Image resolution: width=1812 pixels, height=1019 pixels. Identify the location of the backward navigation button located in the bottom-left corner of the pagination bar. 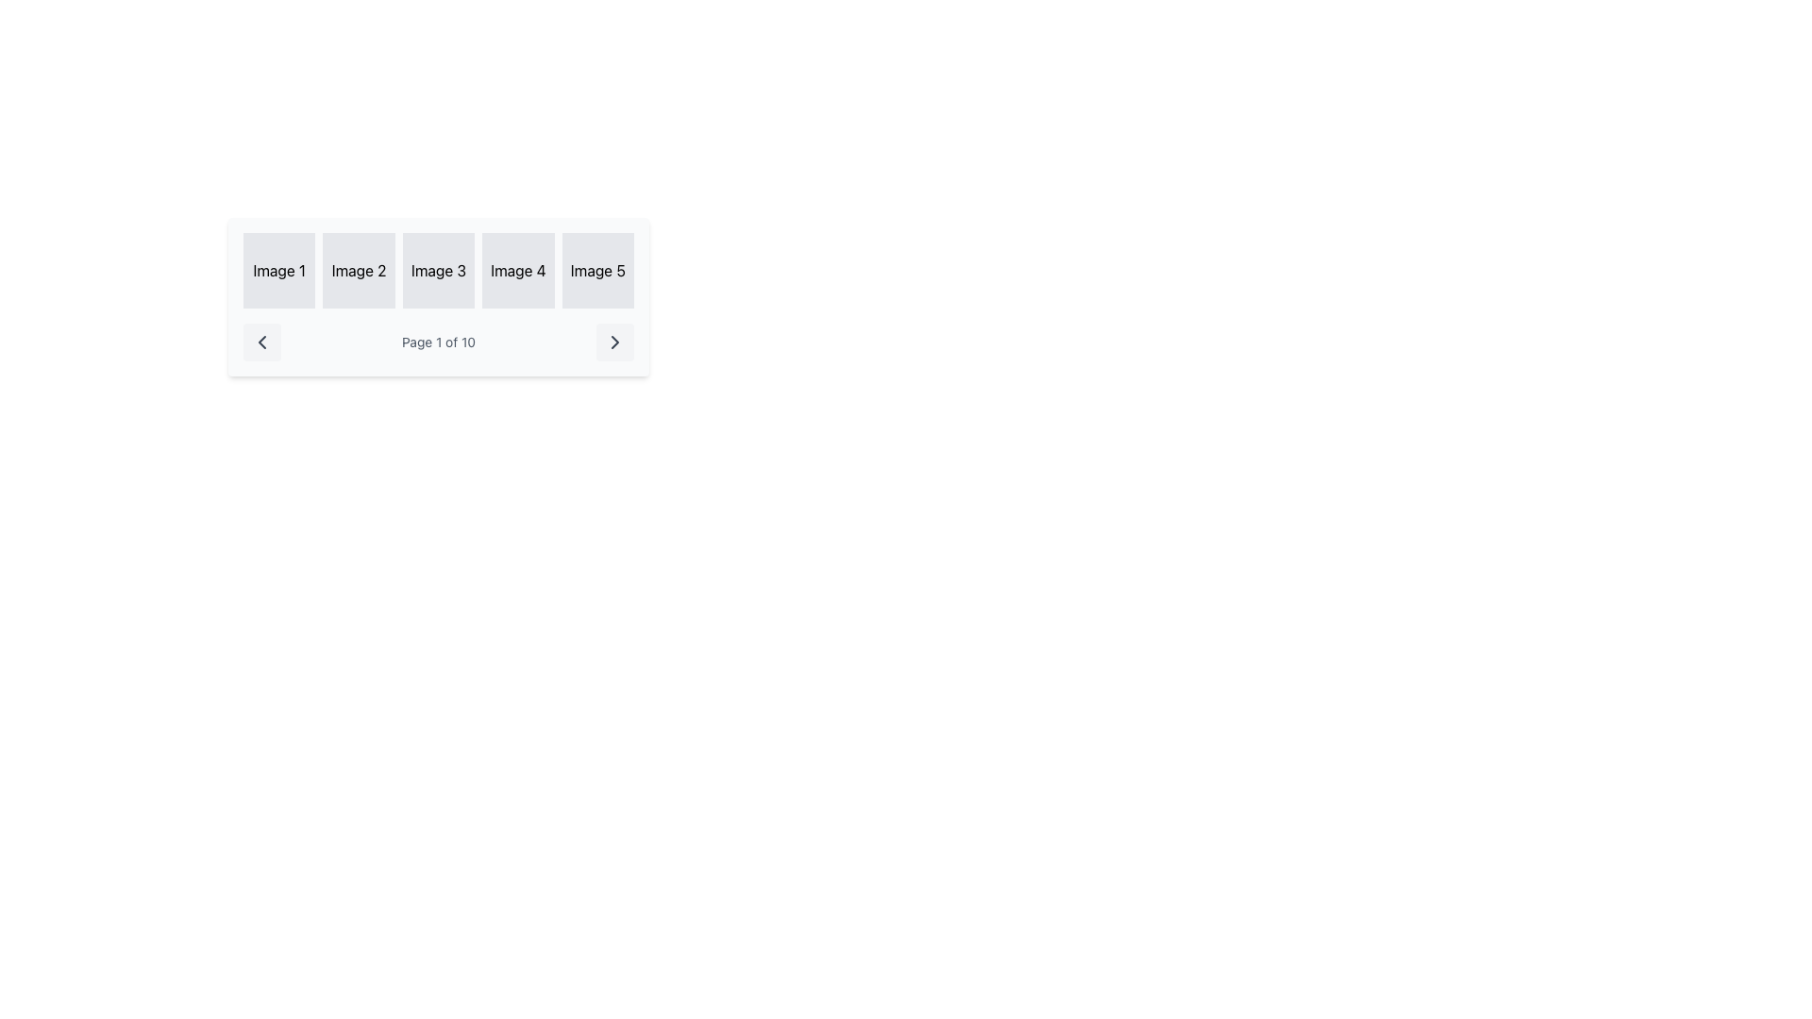
(261, 342).